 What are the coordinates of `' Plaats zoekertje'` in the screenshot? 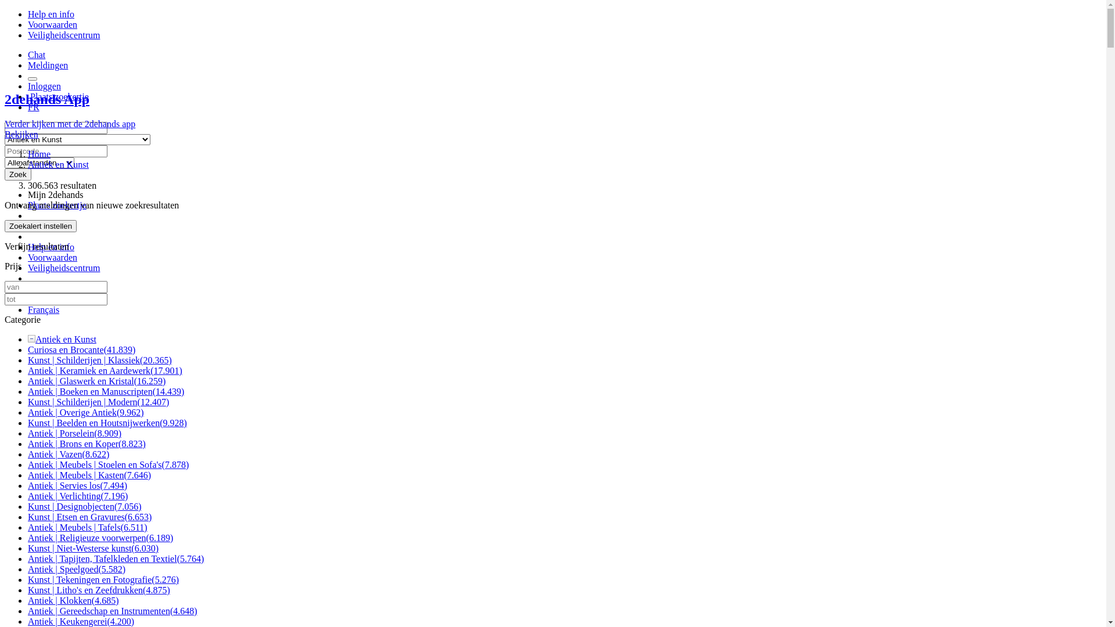 It's located at (57, 96).